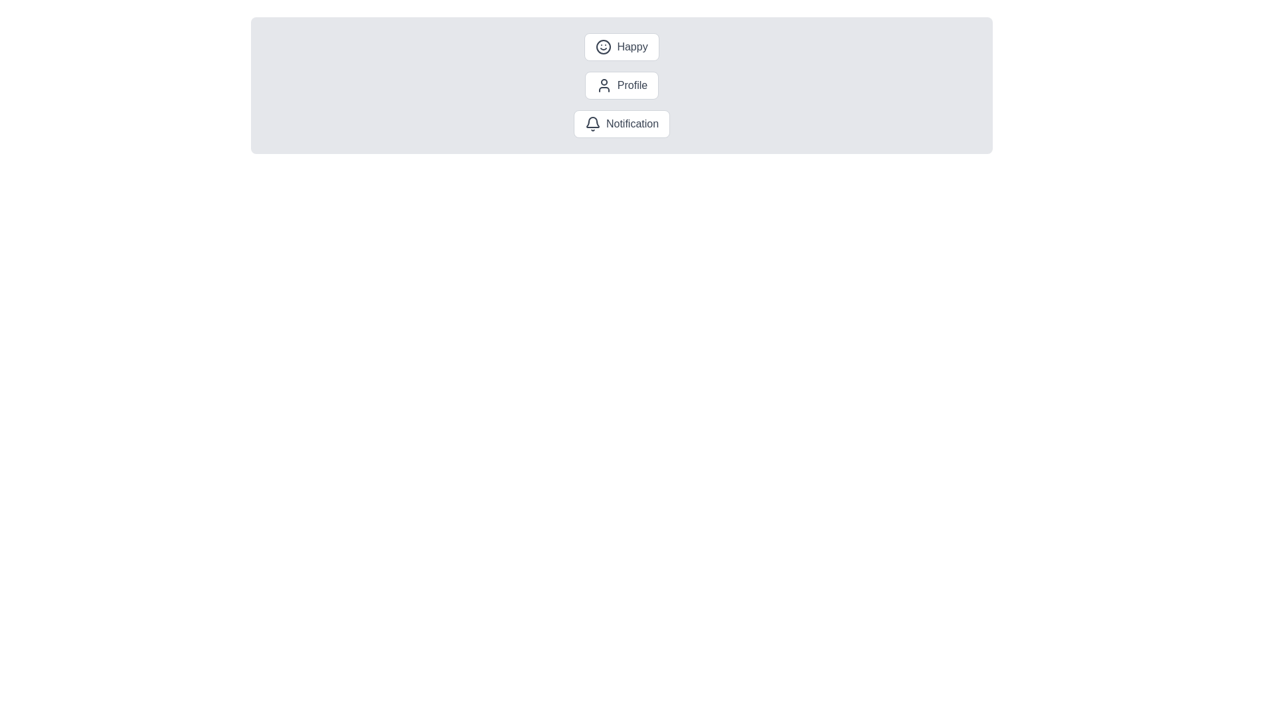  What do you see at coordinates (621, 46) in the screenshot?
I see `the chip labeled Happy to activate it` at bounding box center [621, 46].